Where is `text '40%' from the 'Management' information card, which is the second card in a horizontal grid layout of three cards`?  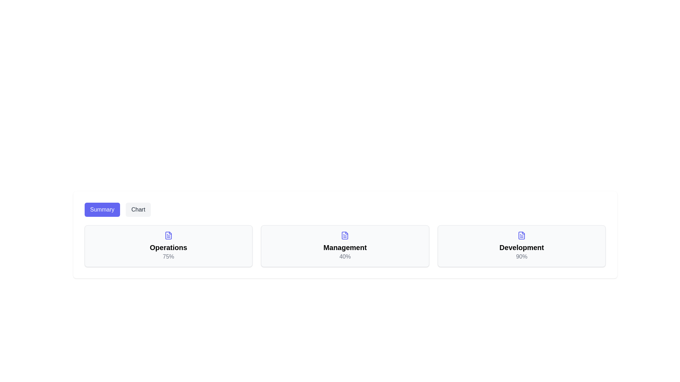
text '40%' from the 'Management' information card, which is the second card in a horizontal grid layout of three cards is located at coordinates (345, 245).